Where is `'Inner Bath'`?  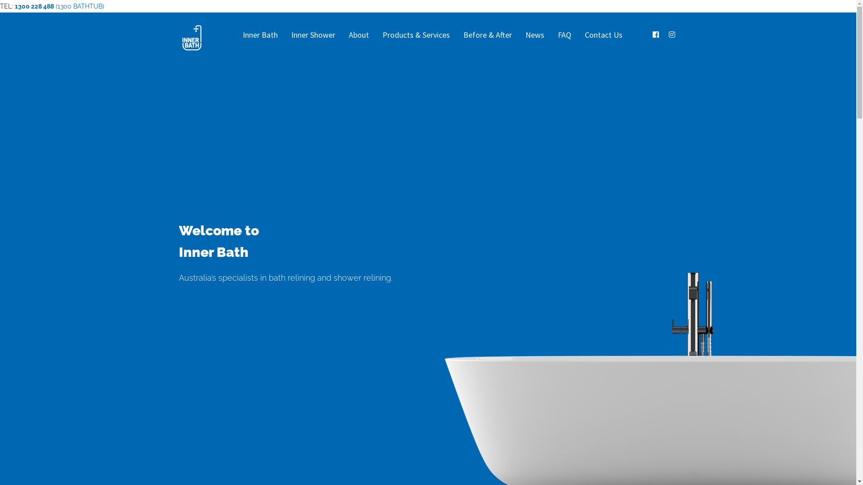 'Inner Bath' is located at coordinates (259, 34).